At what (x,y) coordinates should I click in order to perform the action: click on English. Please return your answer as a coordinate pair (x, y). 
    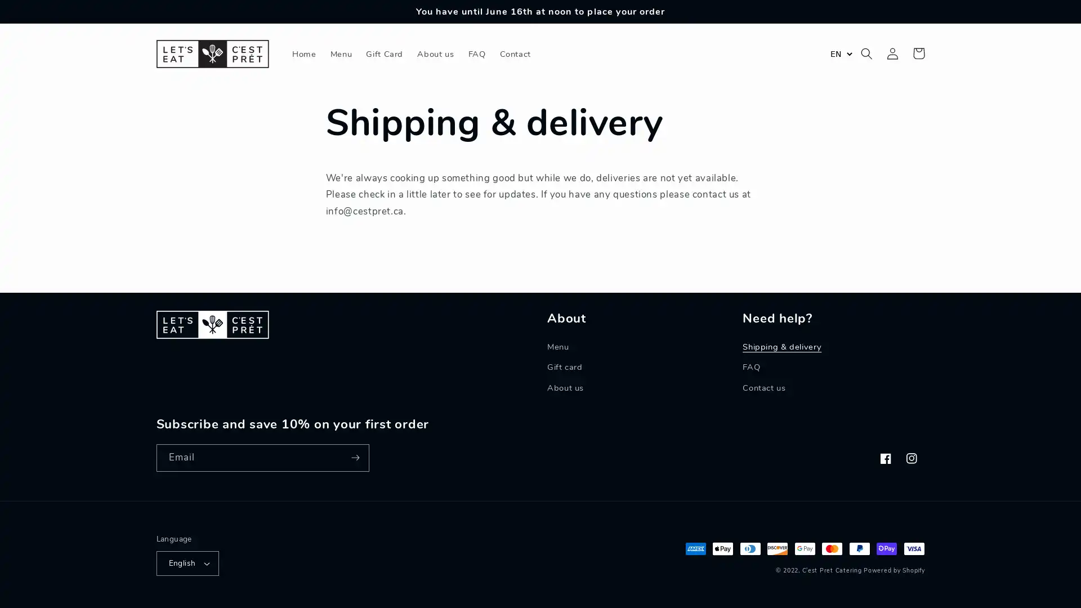
    Looking at the image, I should click on (187, 562).